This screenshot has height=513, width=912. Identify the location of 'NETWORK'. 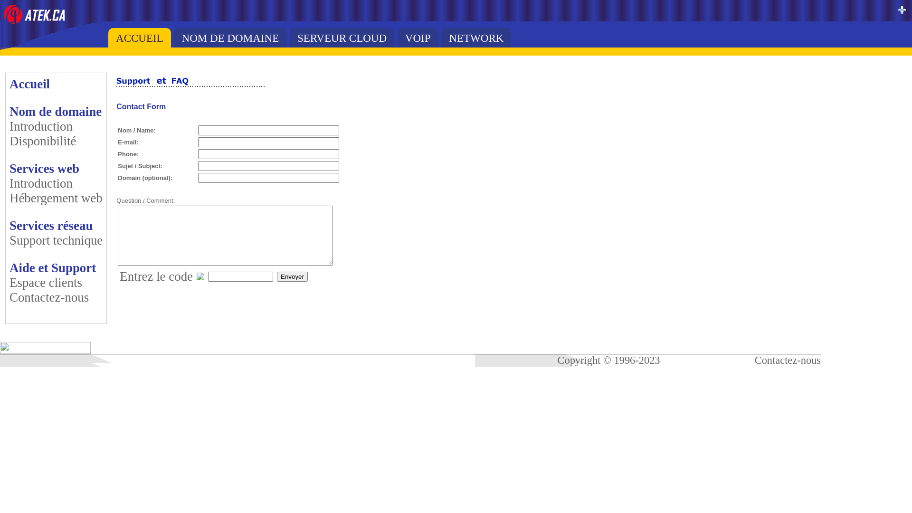
(476, 37).